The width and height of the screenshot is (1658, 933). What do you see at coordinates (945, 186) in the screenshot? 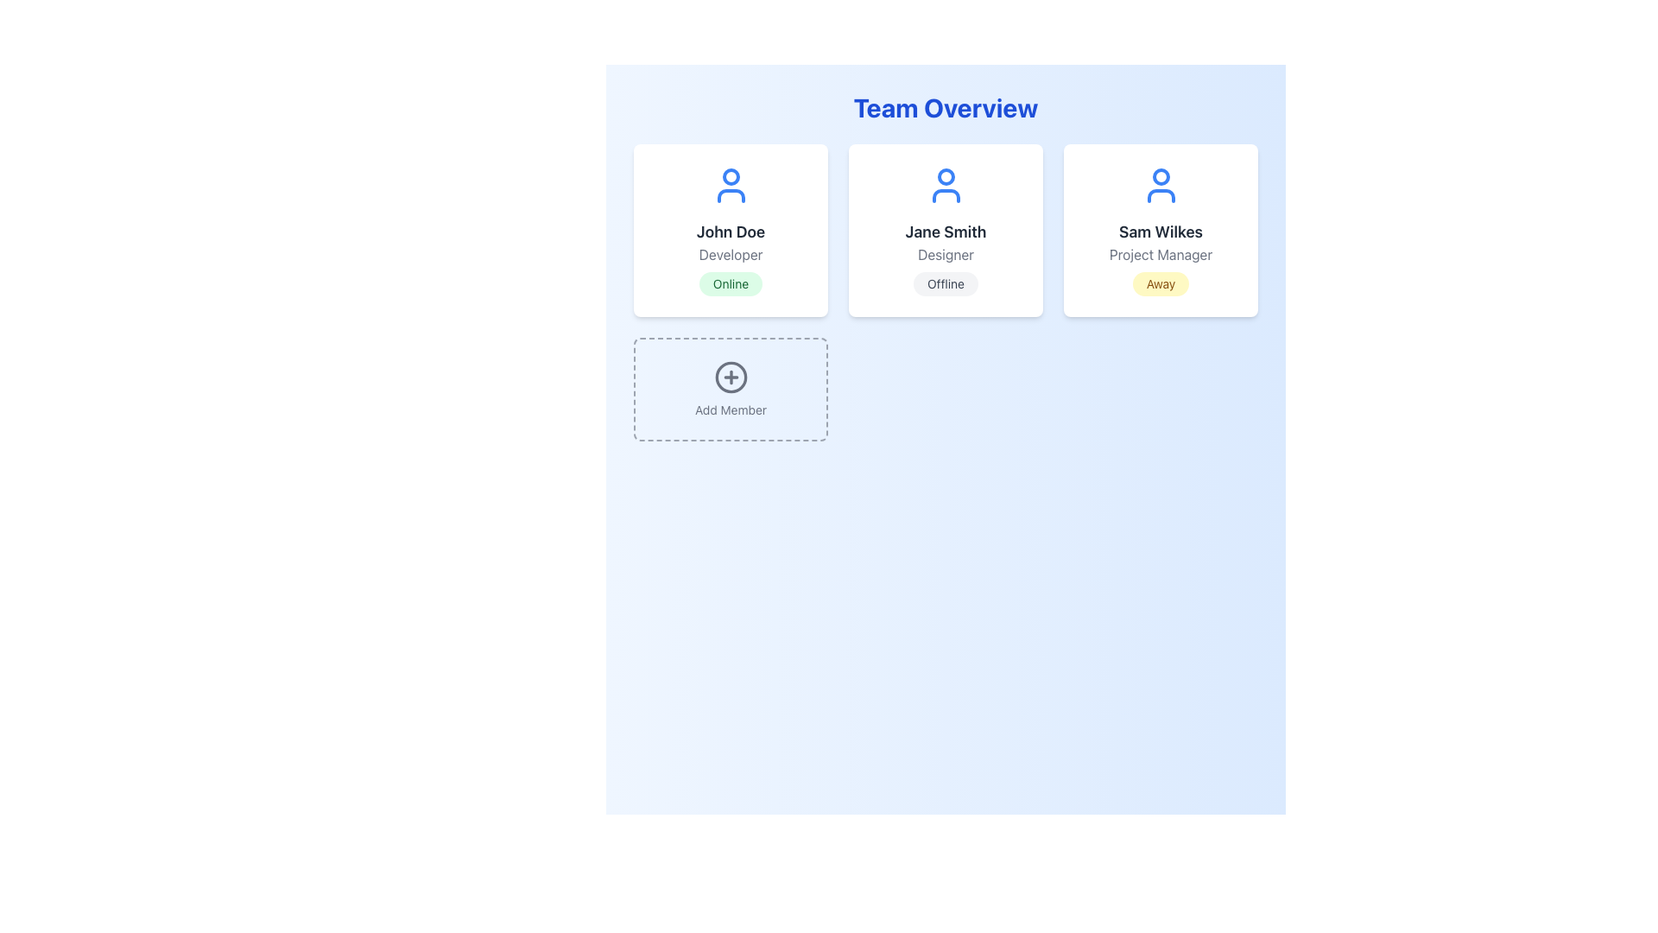
I see `the user profile icon for Jane Smith, who is identified as a Designer and marked as Offline, to initiate further interaction` at bounding box center [945, 186].